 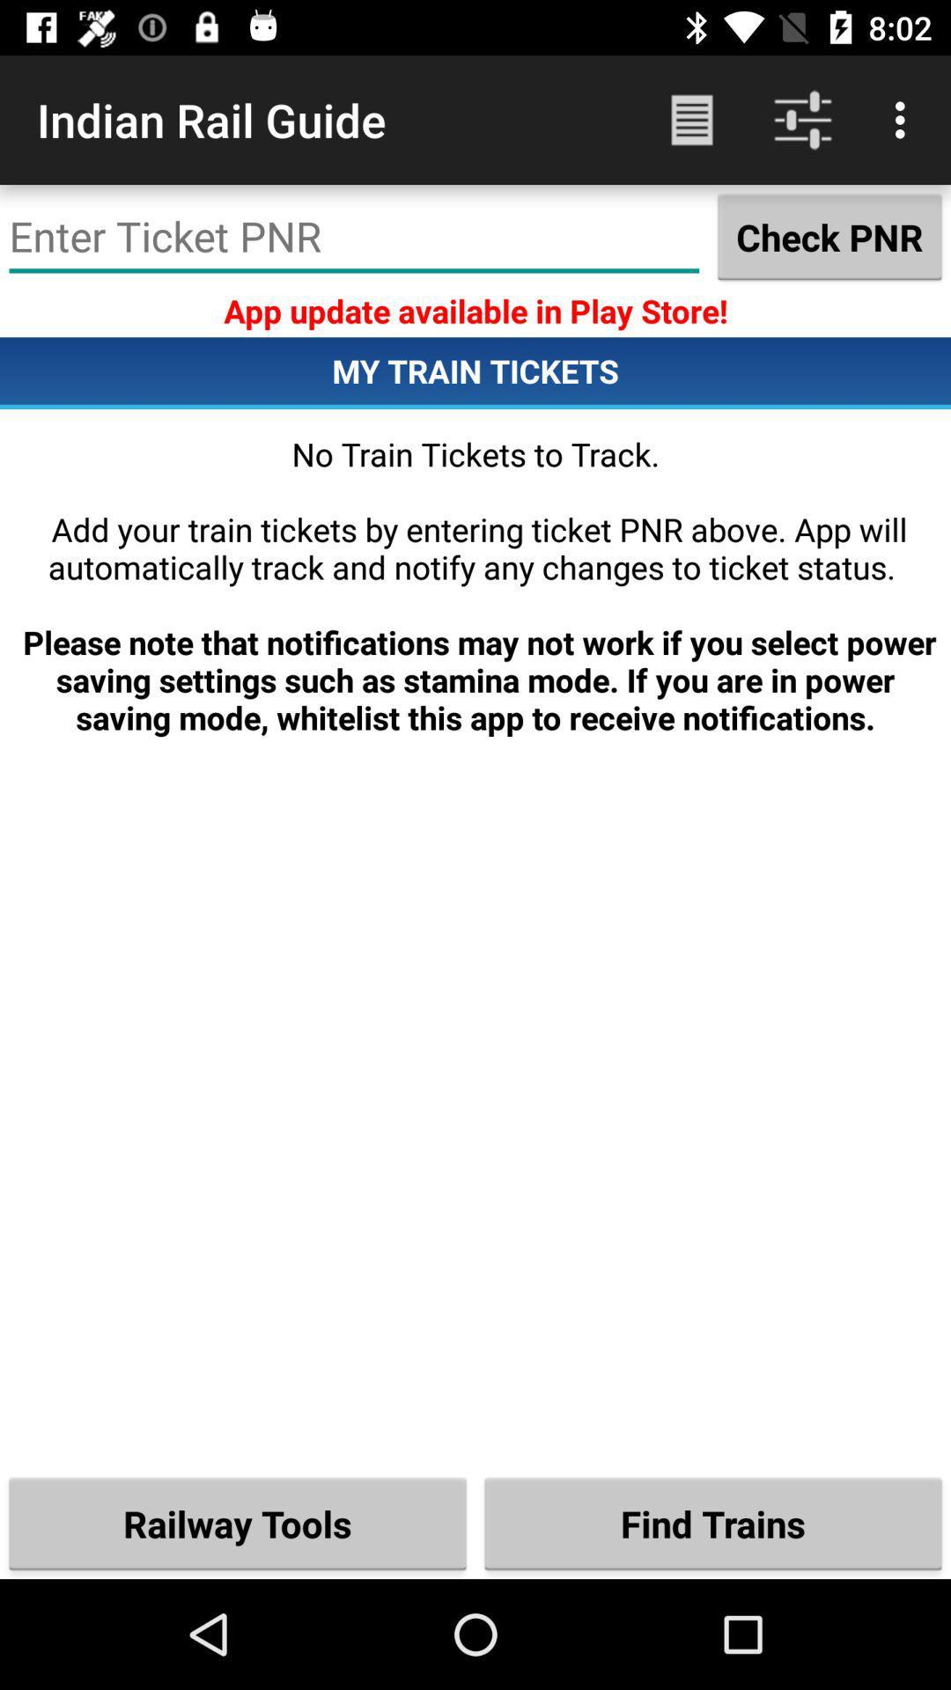 I want to click on ticket pnr, so click(x=354, y=236).